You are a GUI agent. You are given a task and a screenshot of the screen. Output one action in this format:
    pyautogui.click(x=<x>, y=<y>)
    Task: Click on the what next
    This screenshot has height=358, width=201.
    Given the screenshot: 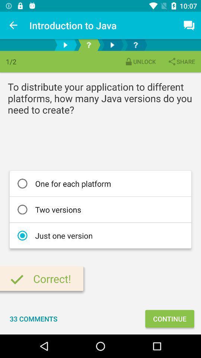 What is the action you would take?
    pyautogui.click(x=135, y=45)
    